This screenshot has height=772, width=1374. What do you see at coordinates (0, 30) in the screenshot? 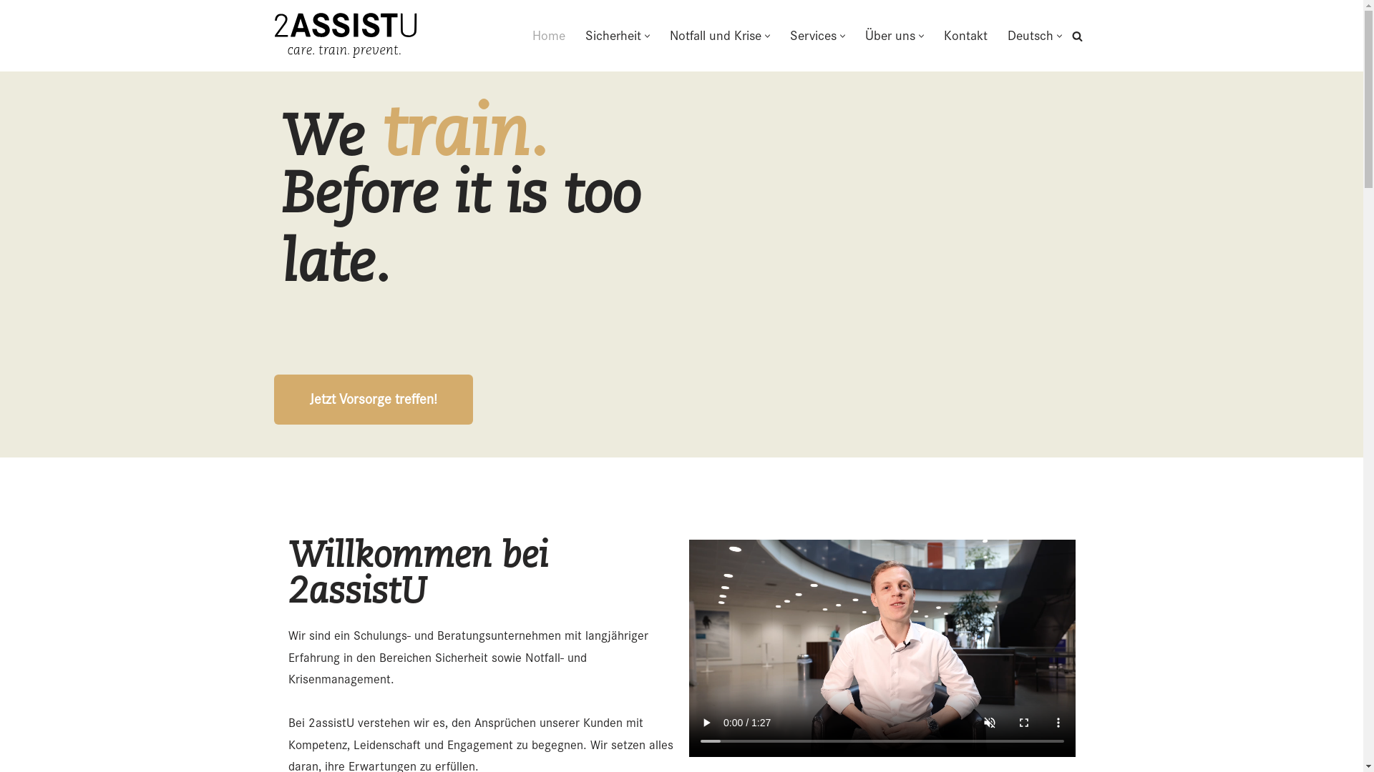
I see `'Zum Inhalt springen'` at bounding box center [0, 30].